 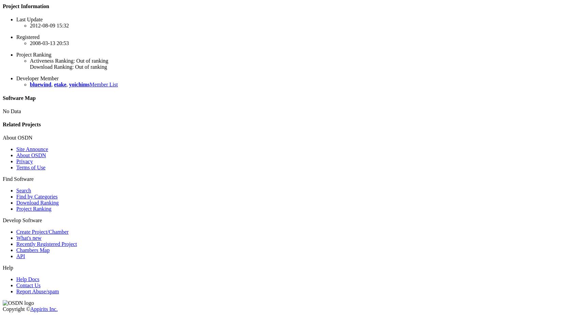 What do you see at coordinates (49, 25) in the screenshot?
I see `'2012-08-09 15:32'` at bounding box center [49, 25].